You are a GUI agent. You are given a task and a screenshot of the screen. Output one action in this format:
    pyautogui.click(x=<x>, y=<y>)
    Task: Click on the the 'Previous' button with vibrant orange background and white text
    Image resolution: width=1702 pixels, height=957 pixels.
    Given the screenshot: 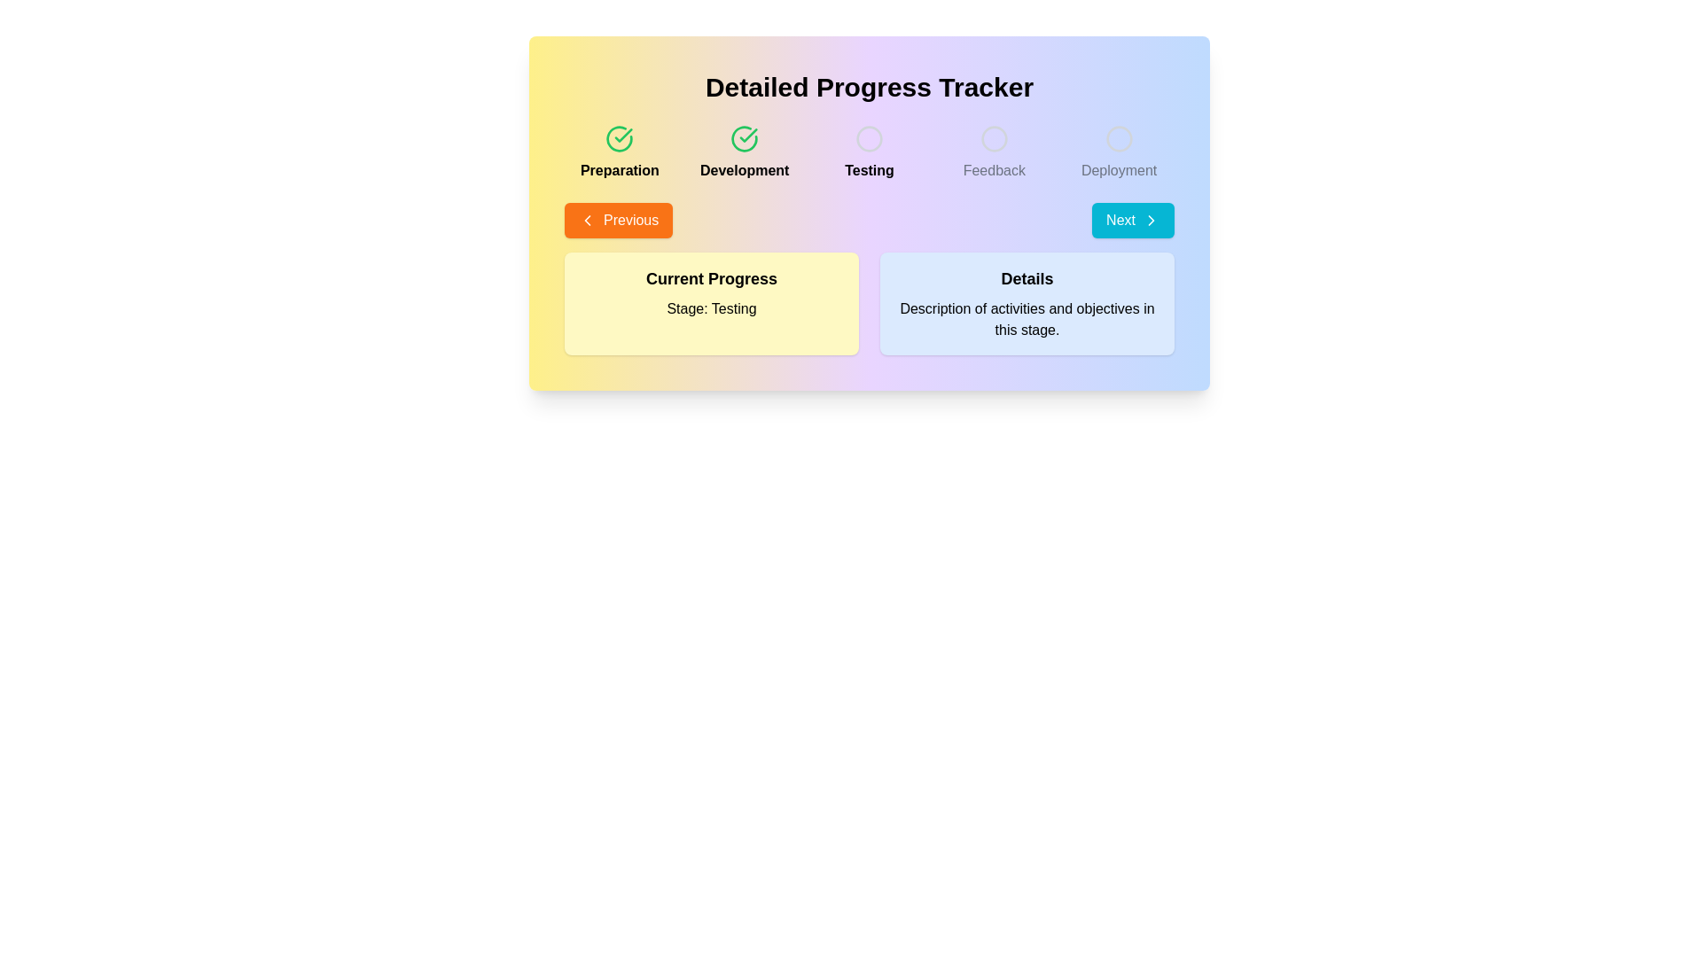 What is the action you would take?
    pyautogui.click(x=619, y=220)
    